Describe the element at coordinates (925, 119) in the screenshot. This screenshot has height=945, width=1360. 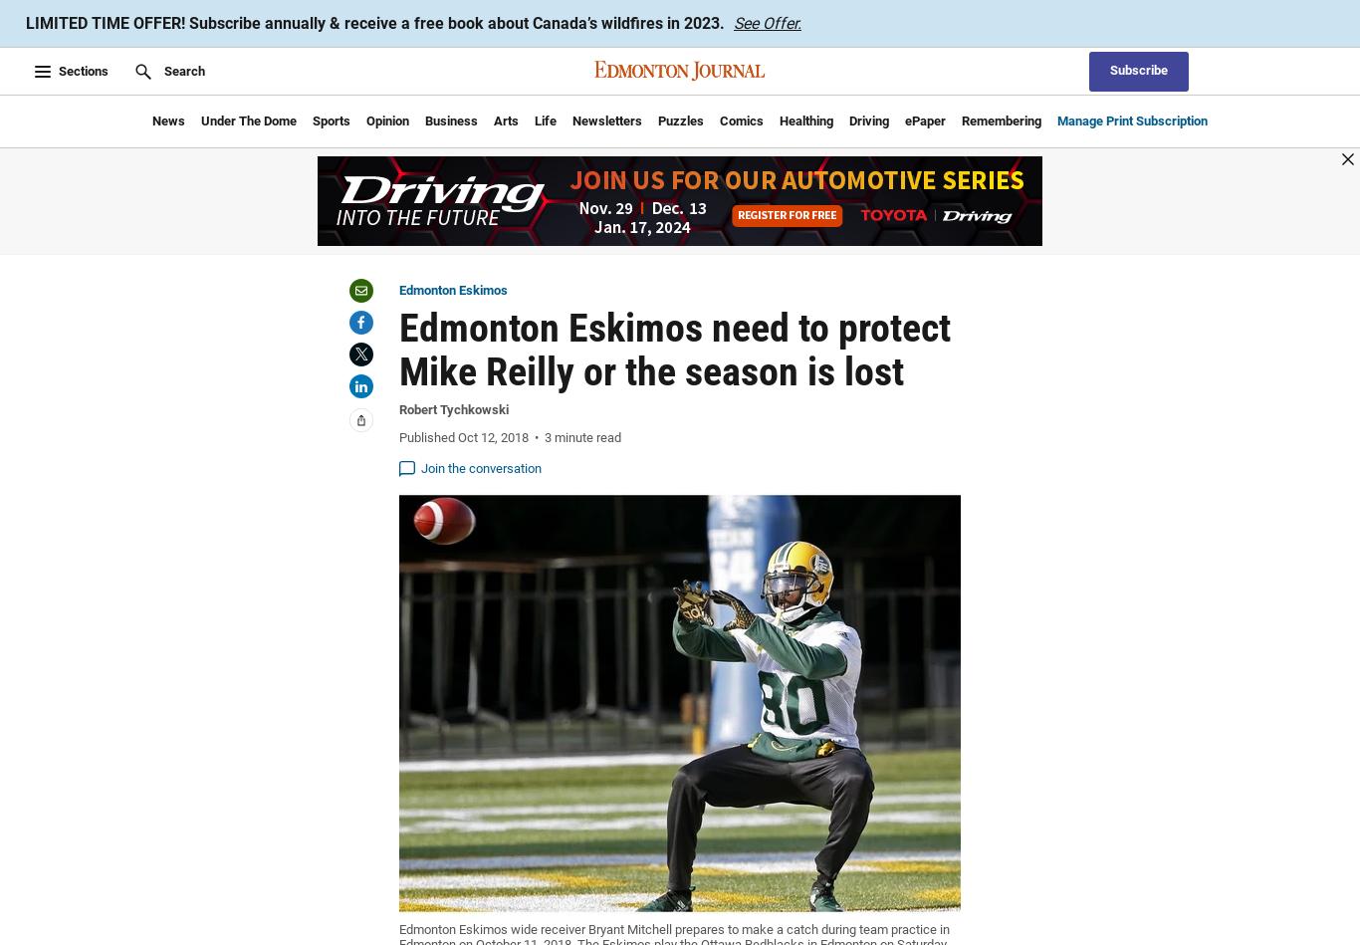
I see `'ePaper'` at that location.